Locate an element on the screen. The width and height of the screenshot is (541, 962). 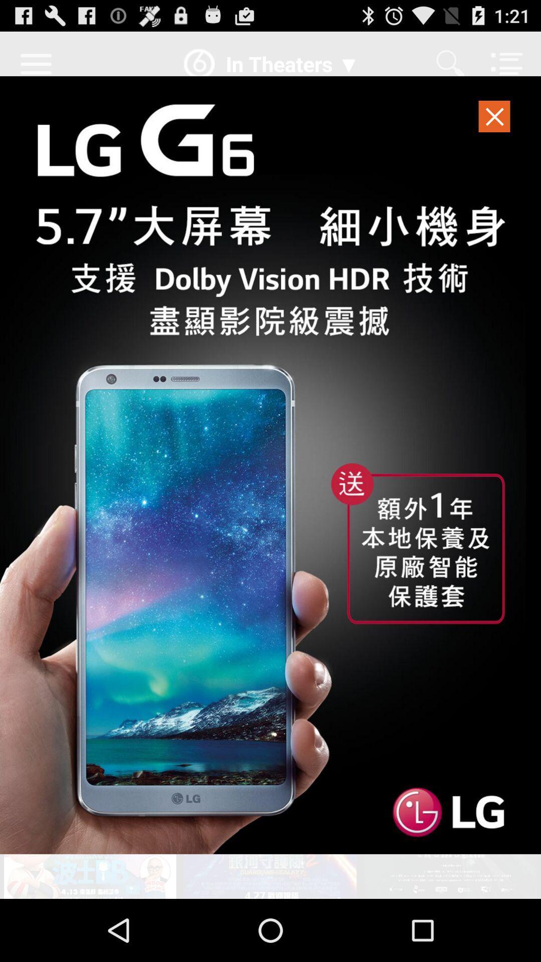
advertisement is located at coordinates (270, 464).